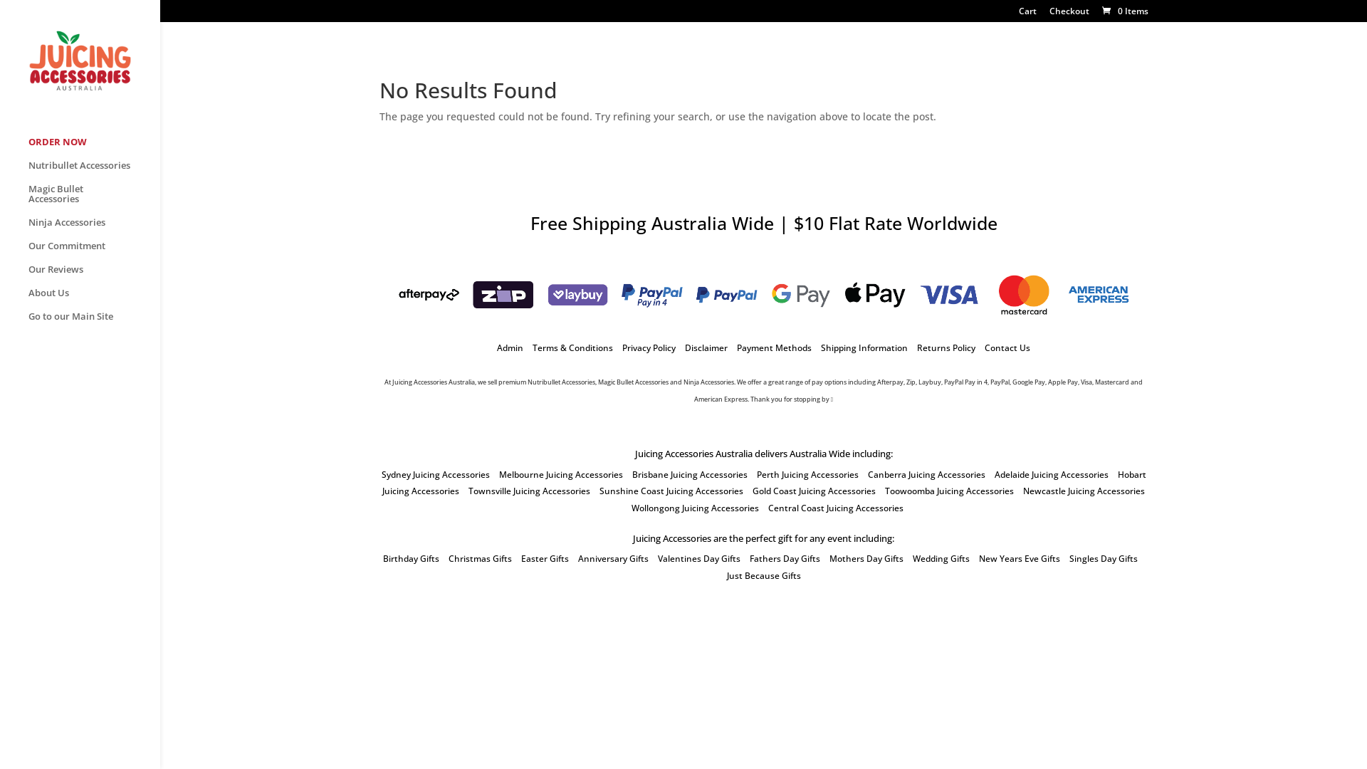  I want to click on 'Magic Bullet Accessories', so click(28, 200).